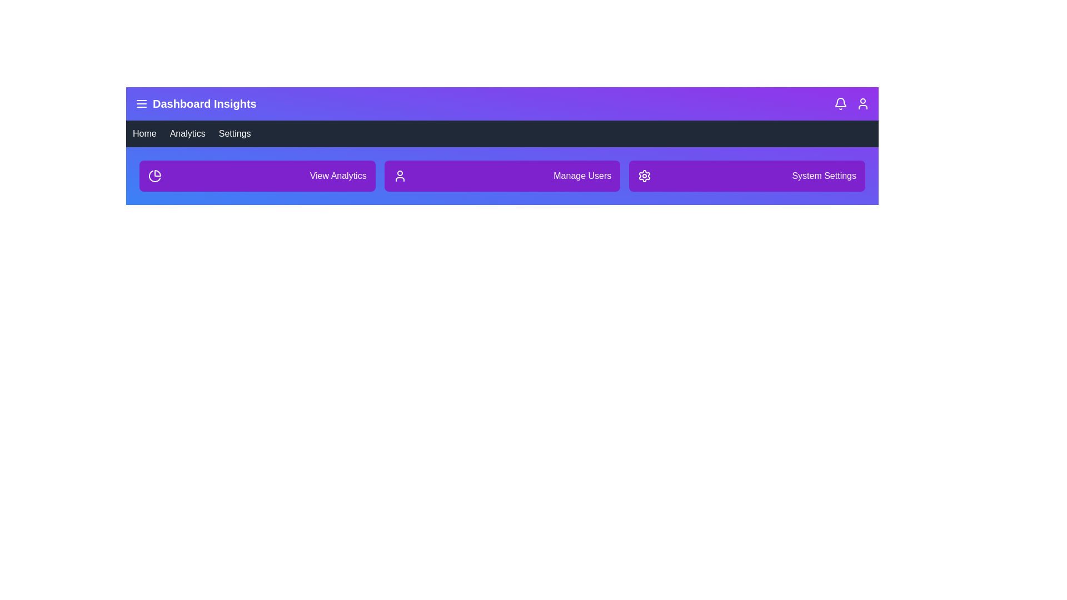 This screenshot has width=1067, height=600. Describe the element at coordinates (256, 175) in the screenshot. I see `the View Analytics button in the dashboard` at that location.